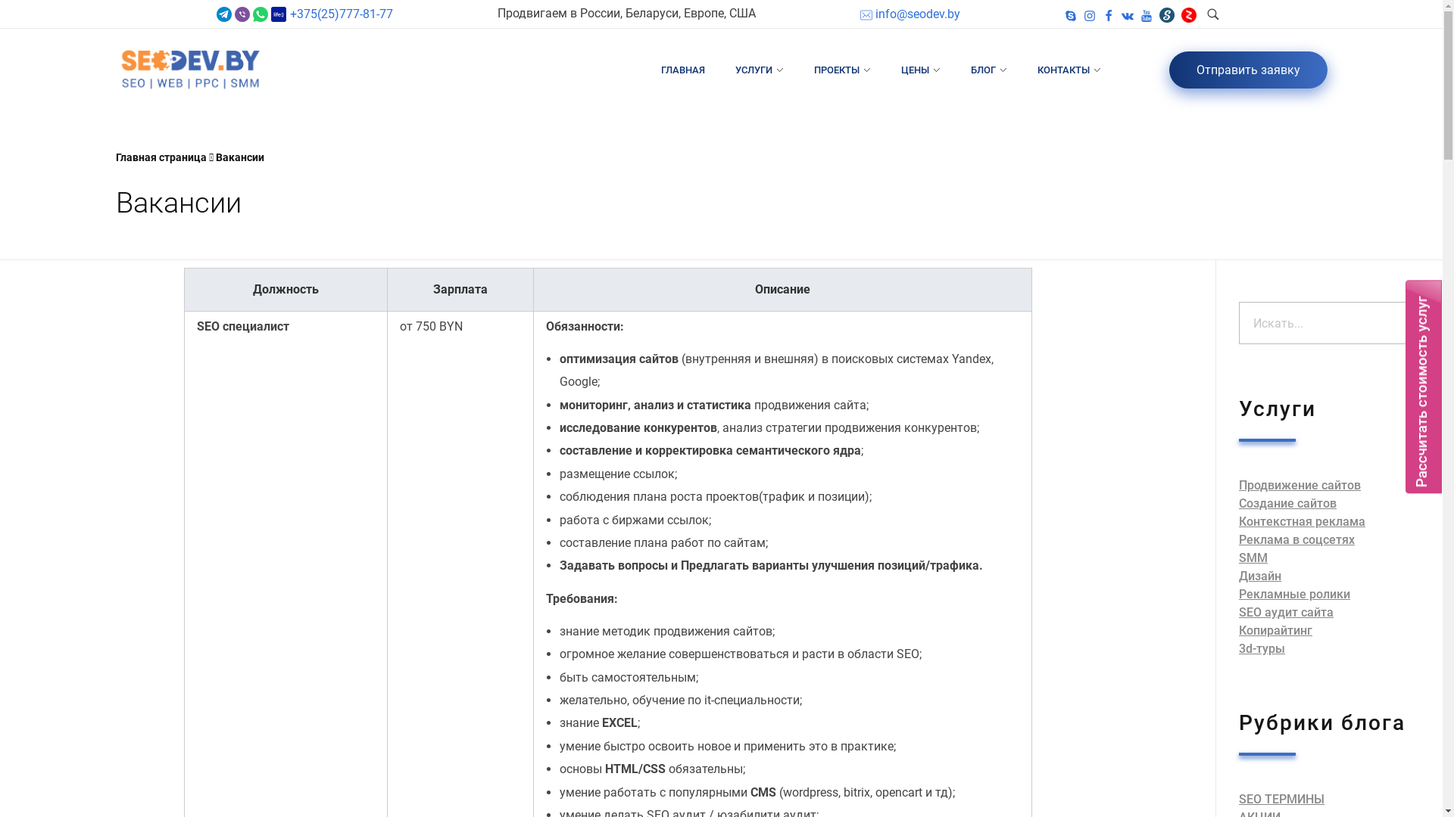  I want to click on 'WhatsApp', so click(261, 14).